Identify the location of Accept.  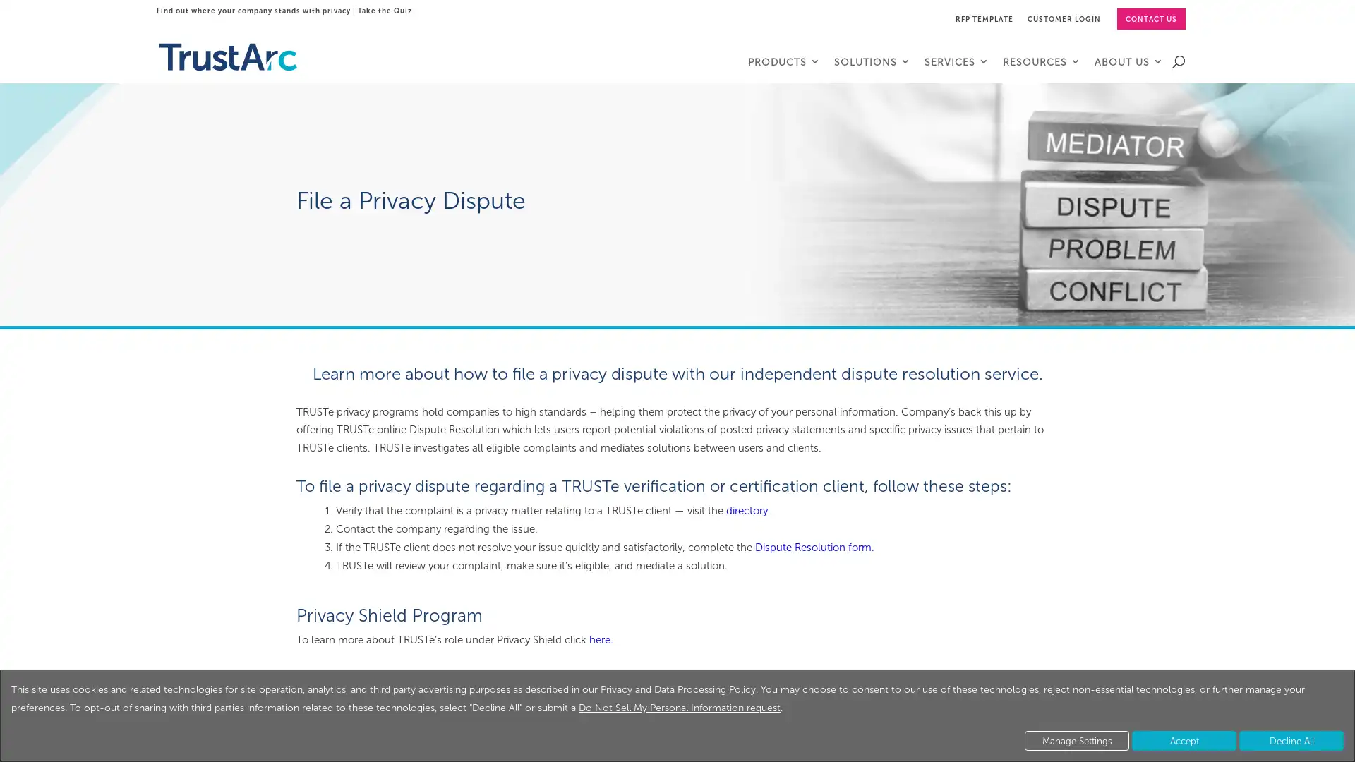
(1184, 739).